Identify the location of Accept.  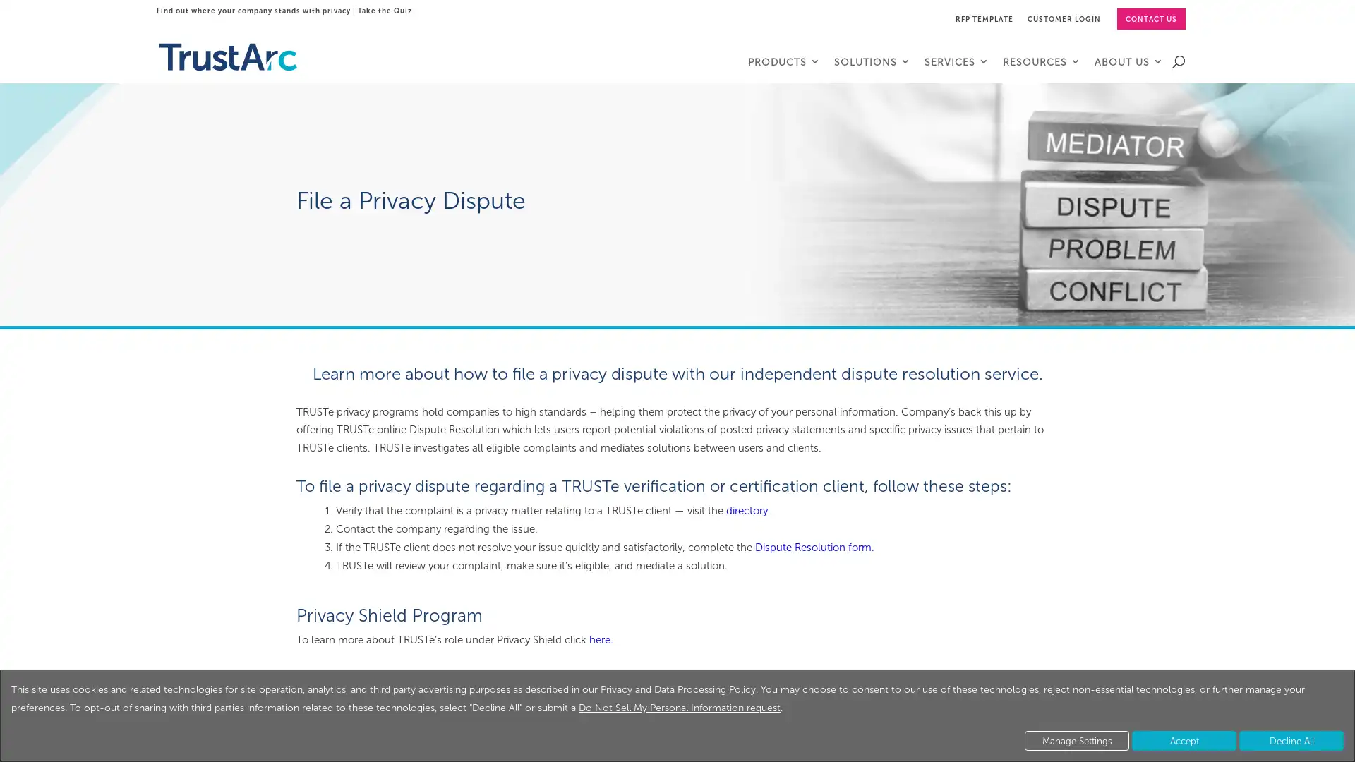
(1184, 739).